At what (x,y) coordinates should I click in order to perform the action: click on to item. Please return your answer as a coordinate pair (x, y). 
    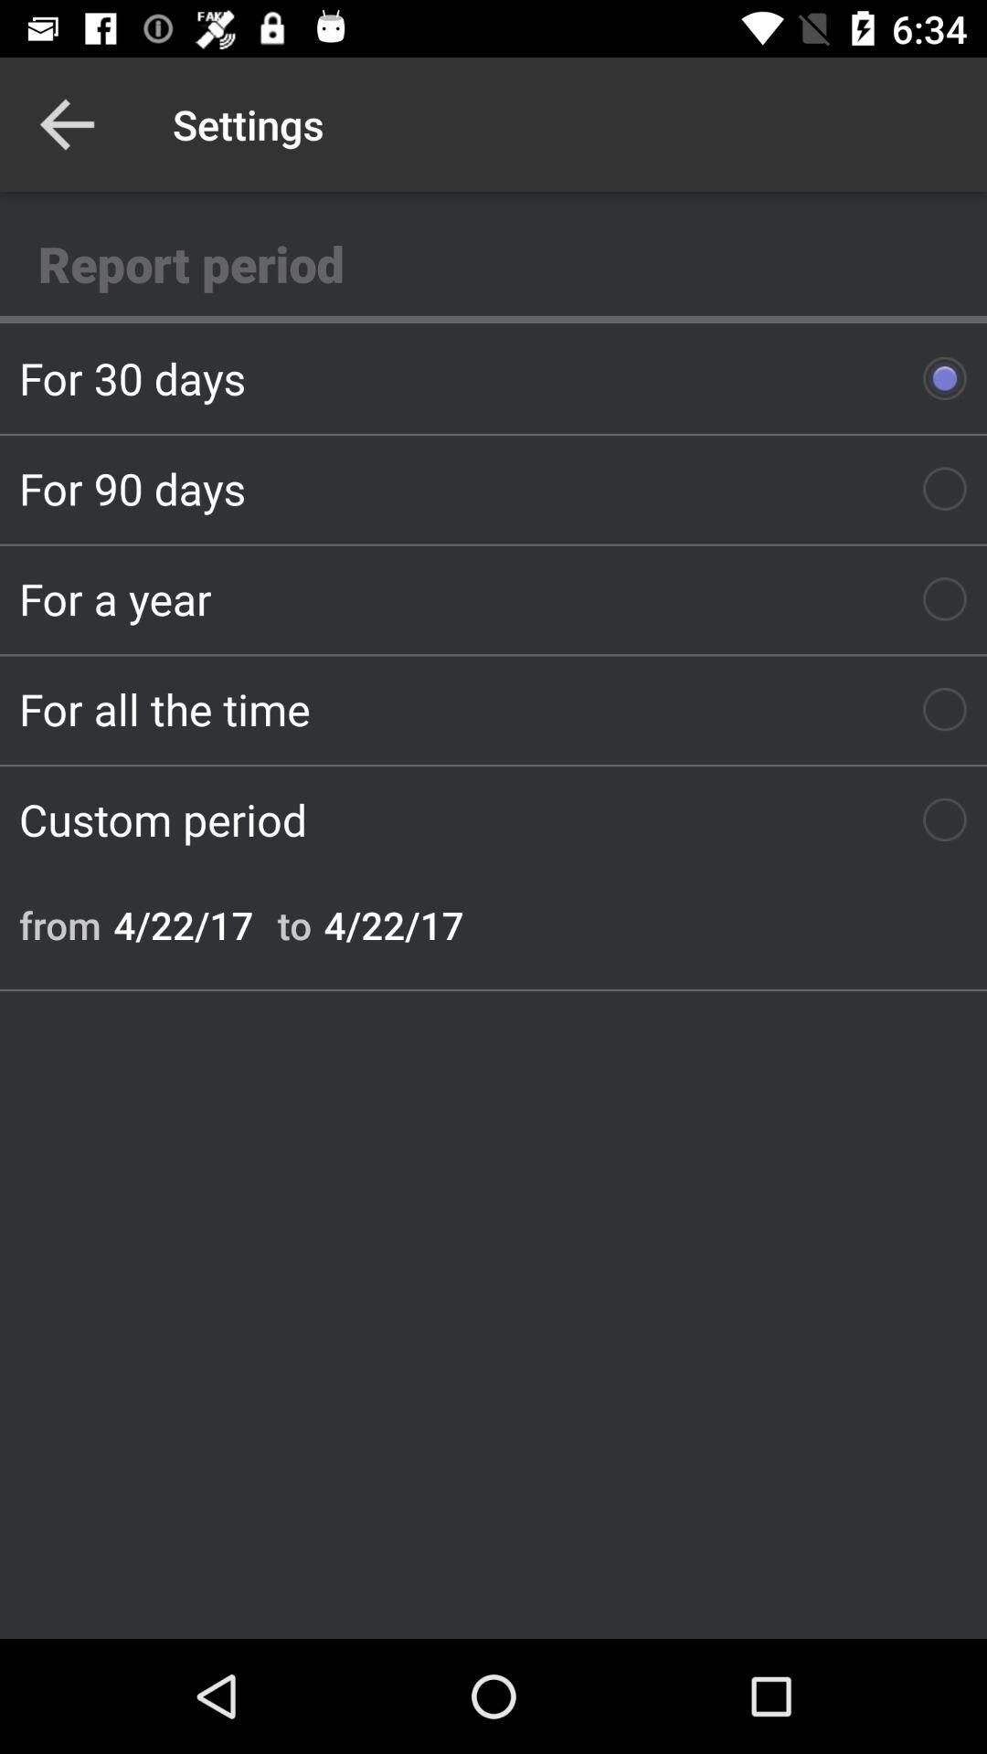
    Looking at the image, I should click on (293, 925).